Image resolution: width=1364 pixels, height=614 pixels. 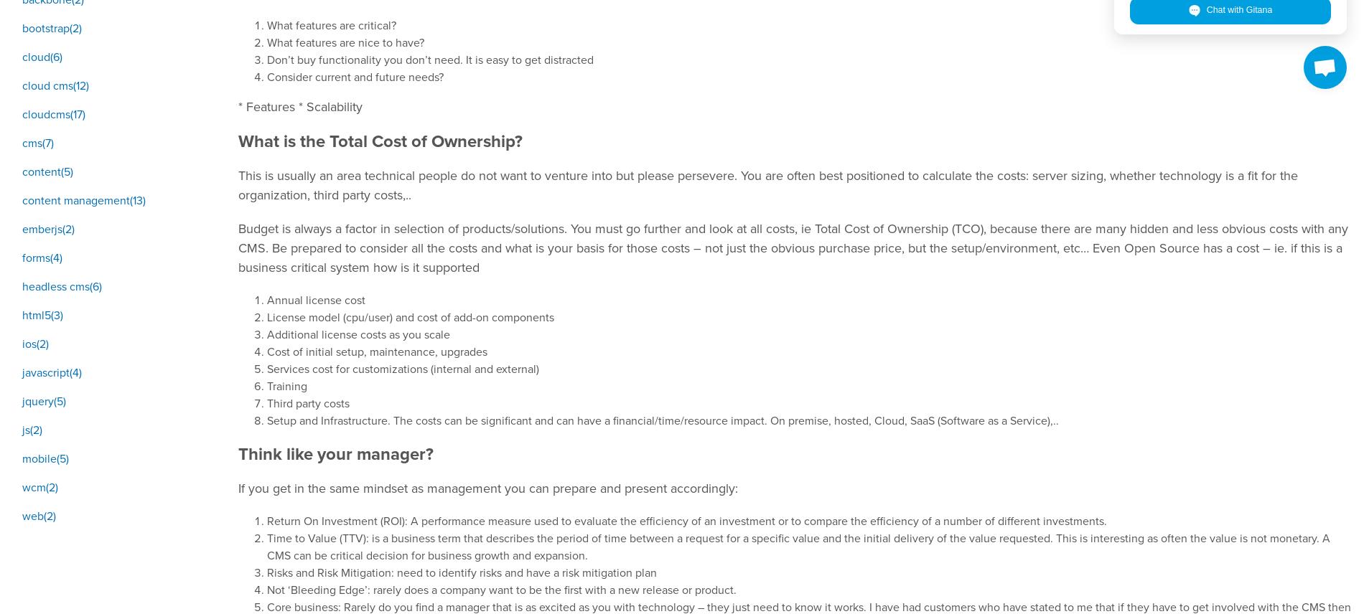 I want to click on 'bootstrap(2)', so click(x=22, y=27).